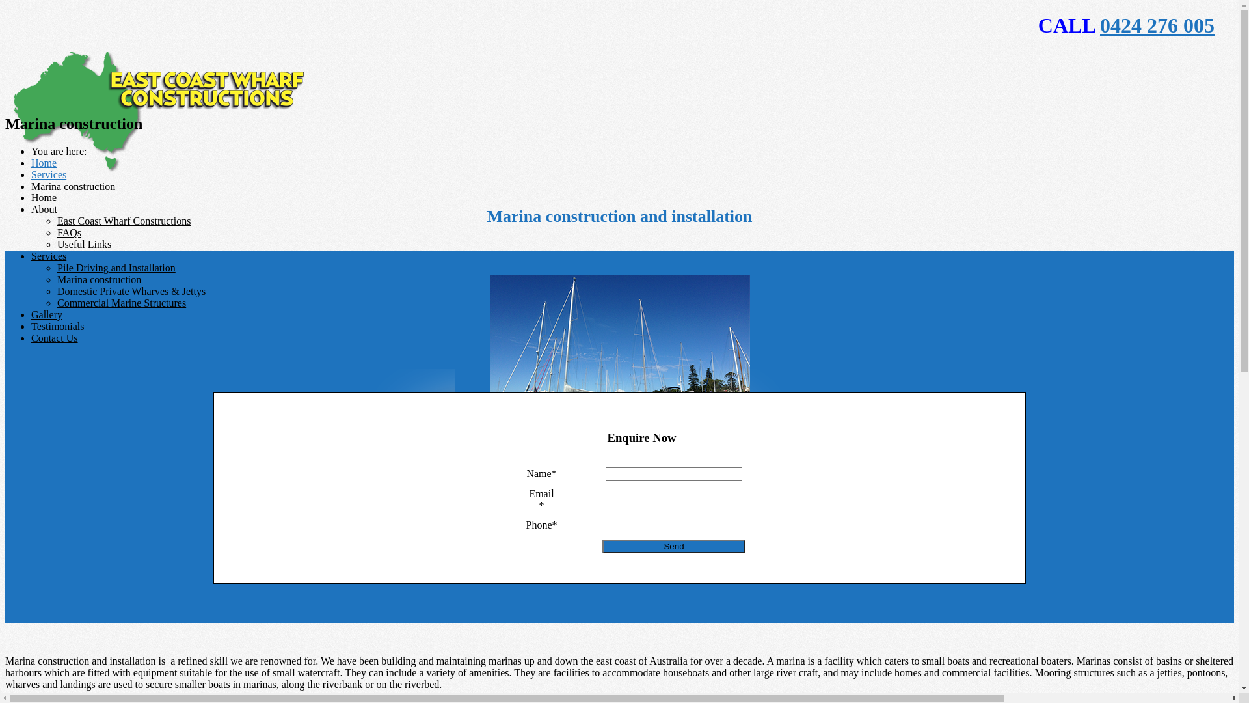  Describe the element at coordinates (49, 256) in the screenshot. I see `'Services'` at that location.